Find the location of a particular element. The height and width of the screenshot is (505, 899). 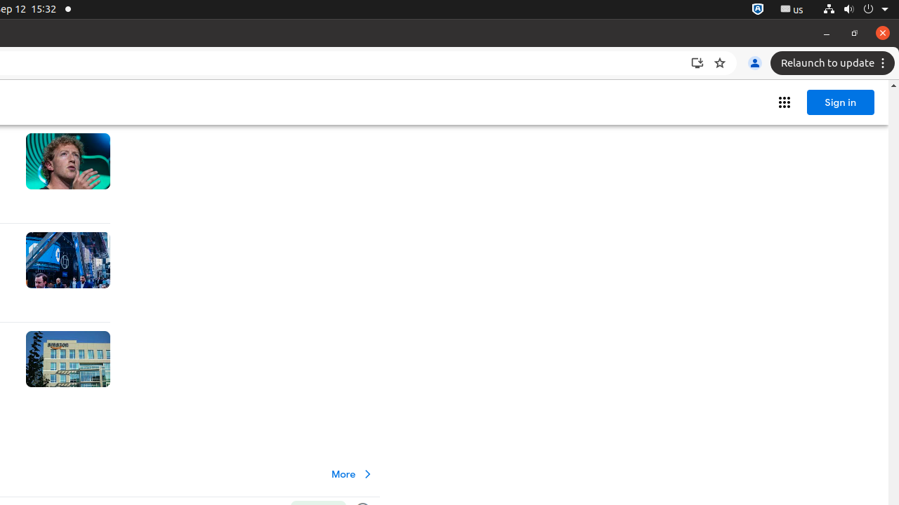

'System' is located at coordinates (855, 9).